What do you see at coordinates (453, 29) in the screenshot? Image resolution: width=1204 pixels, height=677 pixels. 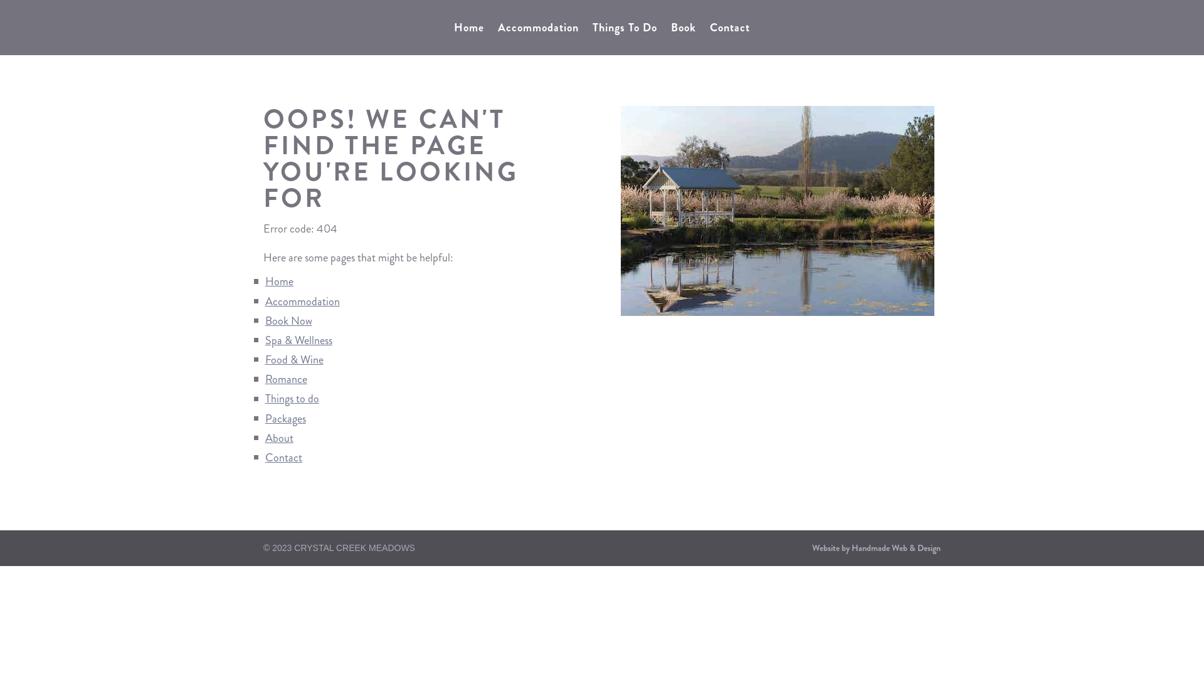 I see `'Home'` at bounding box center [453, 29].